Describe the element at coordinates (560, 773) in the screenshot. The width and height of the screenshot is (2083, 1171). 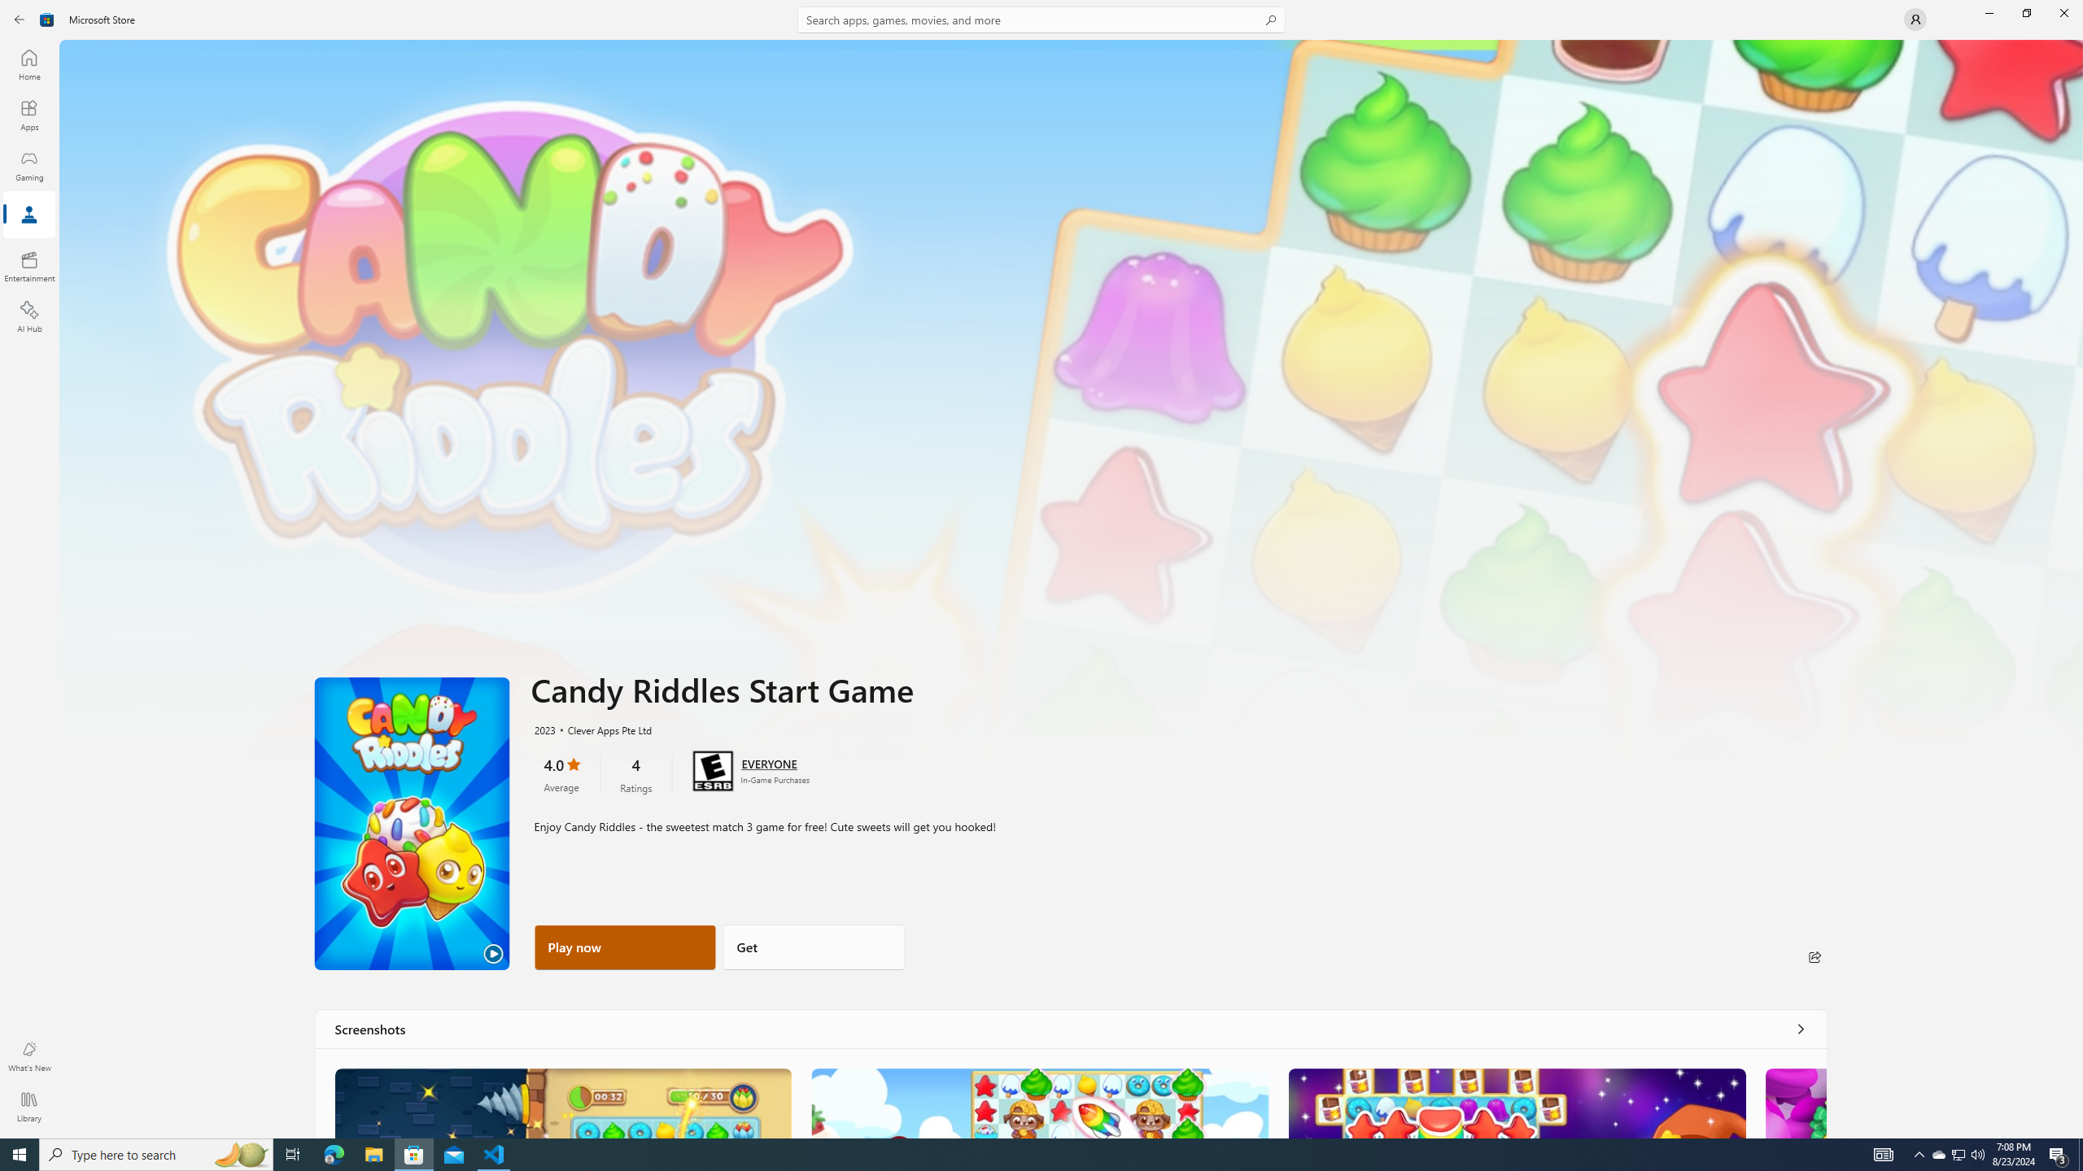
I see `'4.0 stars. Click to skip to ratings and reviews'` at that location.